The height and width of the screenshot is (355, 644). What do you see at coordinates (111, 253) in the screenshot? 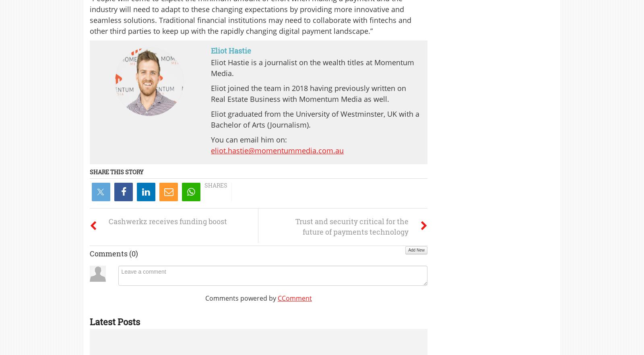
I see `'Comments			('` at bounding box center [111, 253].